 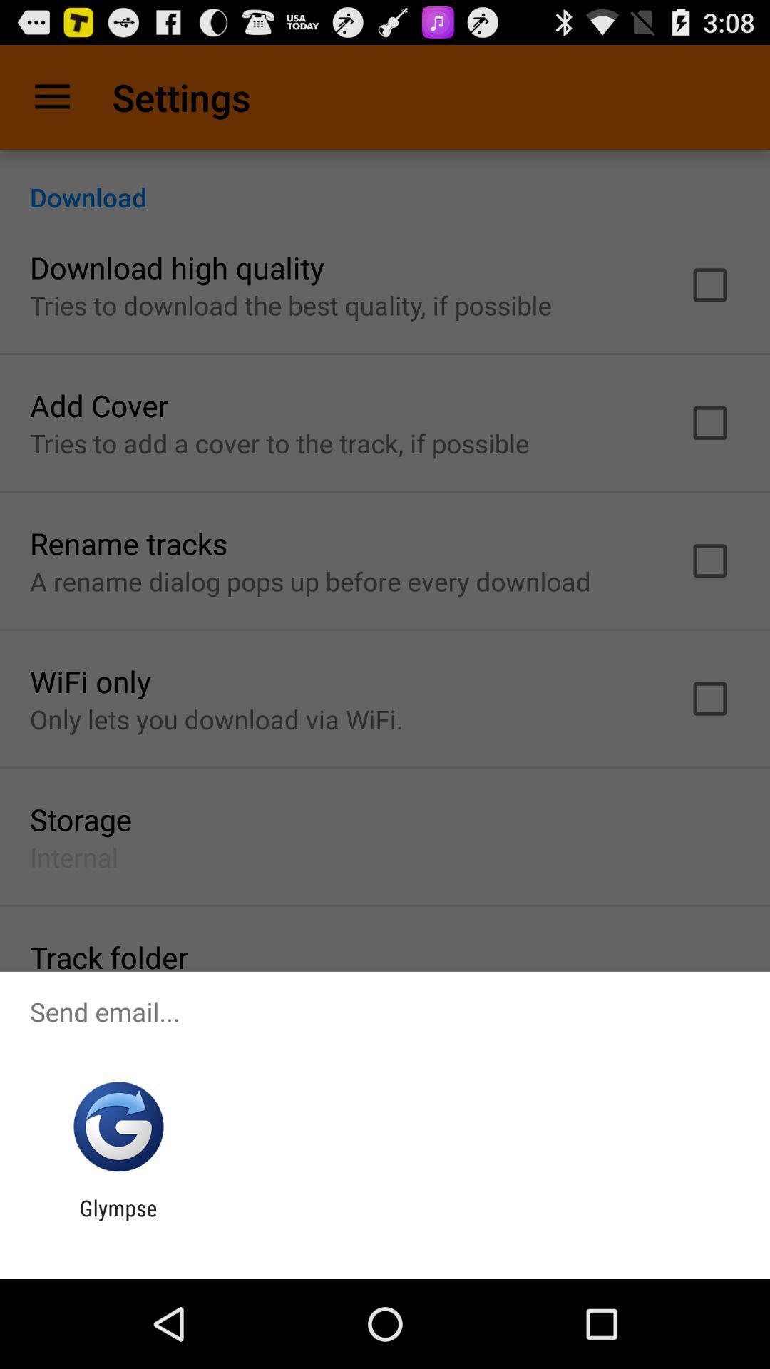 What do you see at coordinates (118, 1126) in the screenshot?
I see `app below send email...` at bounding box center [118, 1126].